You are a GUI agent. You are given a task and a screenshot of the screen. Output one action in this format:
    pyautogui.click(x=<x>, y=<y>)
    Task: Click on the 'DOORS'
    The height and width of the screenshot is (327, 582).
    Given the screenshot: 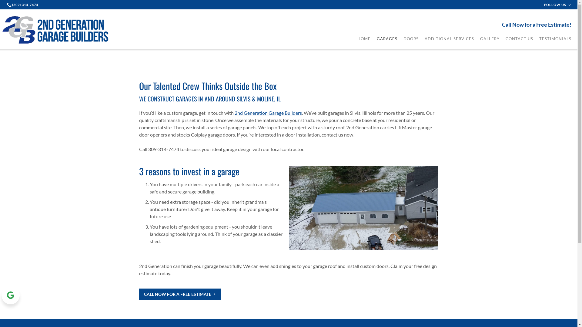 What is the action you would take?
    pyautogui.click(x=411, y=38)
    